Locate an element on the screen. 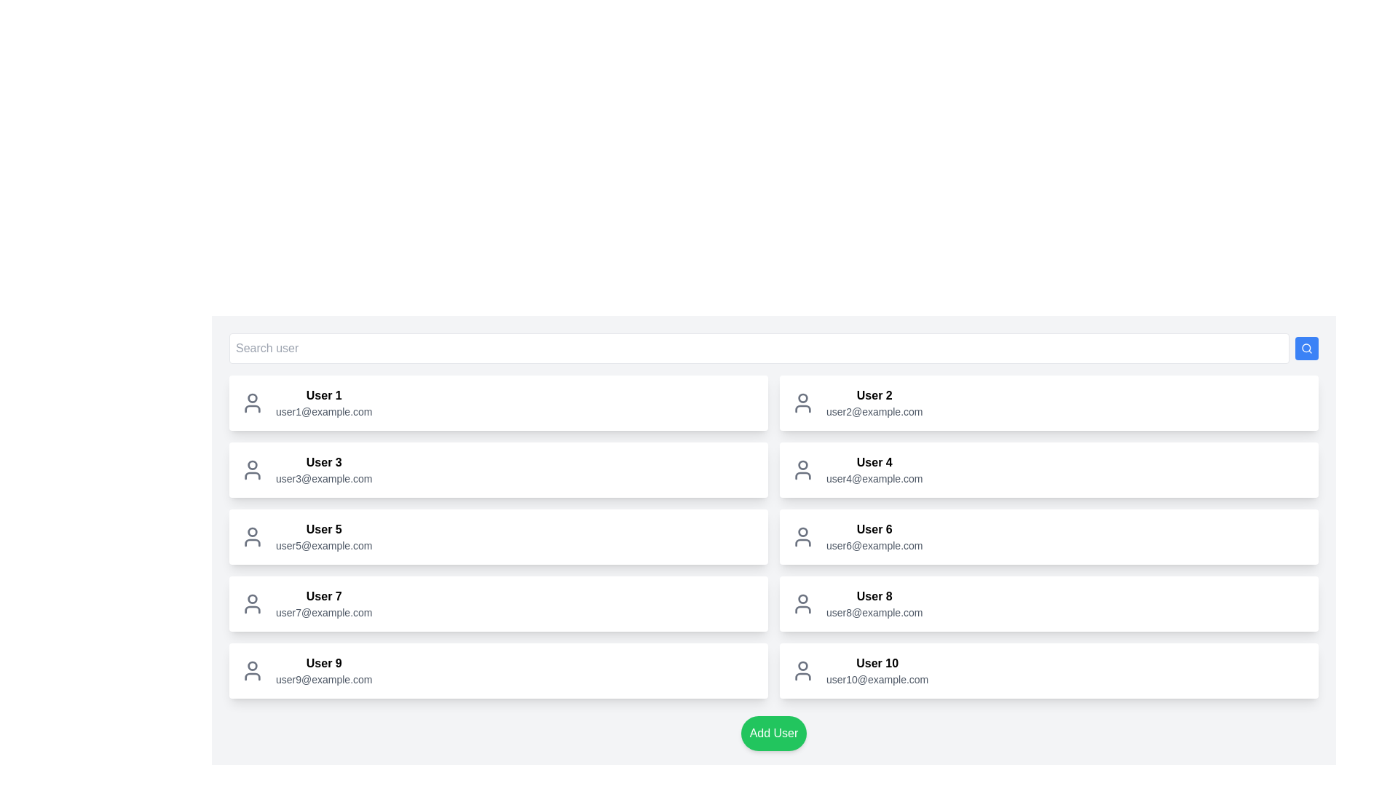 This screenshot has width=1398, height=786. the name label of the user entry for 'User 5', which is located in the third position from the top in the list of user entries is located at coordinates (323, 530).